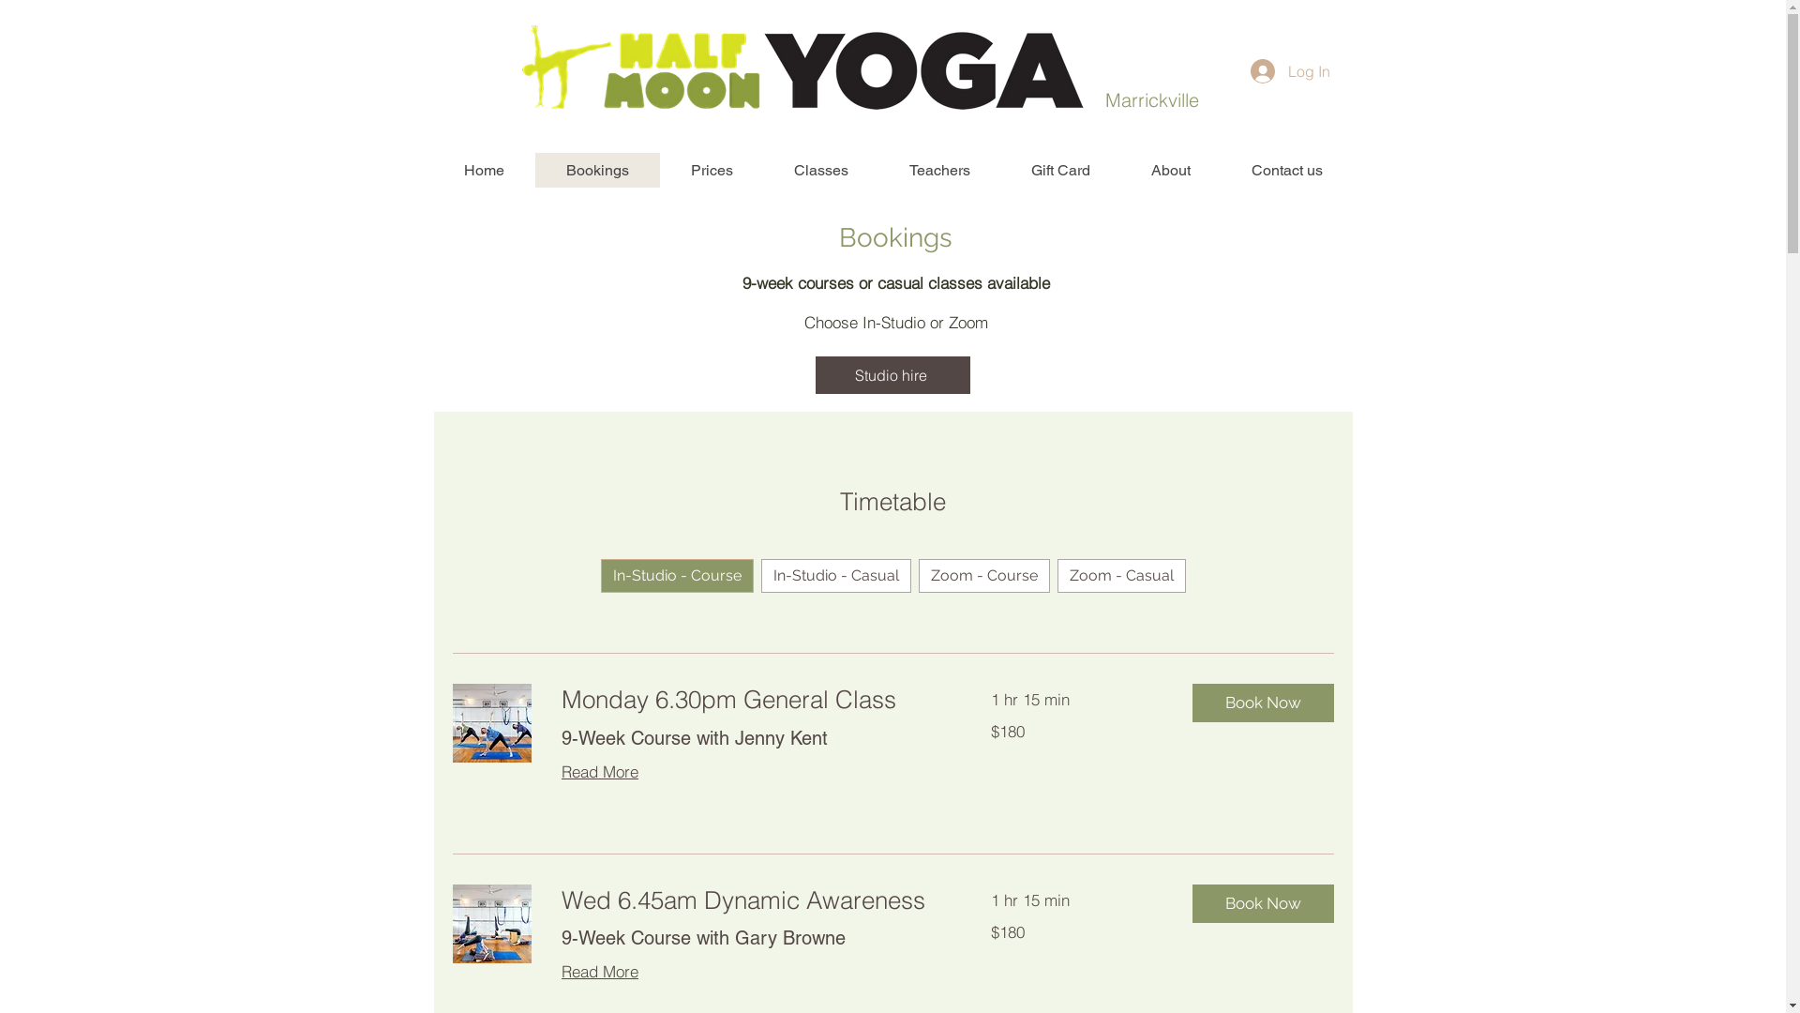  I want to click on 'Gift Card', so click(1058, 170).